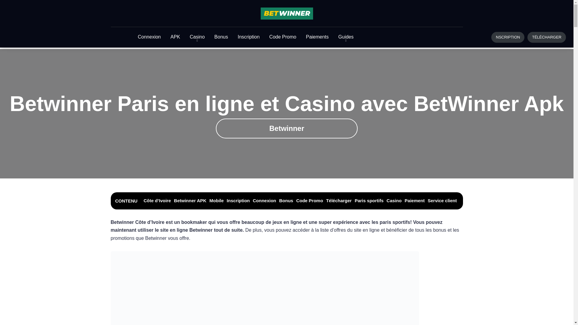 Image resolution: width=578 pixels, height=325 pixels. What do you see at coordinates (264, 200) in the screenshot?
I see `'Connexion'` at bounding box center [264, 200].